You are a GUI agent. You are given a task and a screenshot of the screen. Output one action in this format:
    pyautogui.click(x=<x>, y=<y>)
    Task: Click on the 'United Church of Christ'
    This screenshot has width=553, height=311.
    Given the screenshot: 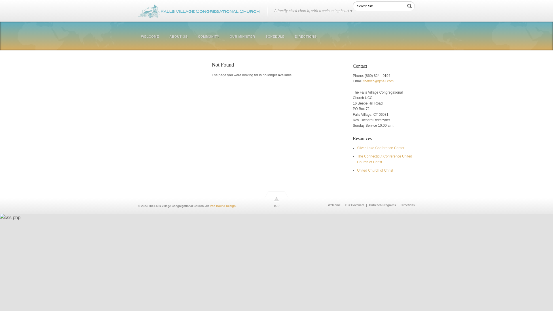 What is the action you would take?
    pyautogui.click(x=375, y=170)
    